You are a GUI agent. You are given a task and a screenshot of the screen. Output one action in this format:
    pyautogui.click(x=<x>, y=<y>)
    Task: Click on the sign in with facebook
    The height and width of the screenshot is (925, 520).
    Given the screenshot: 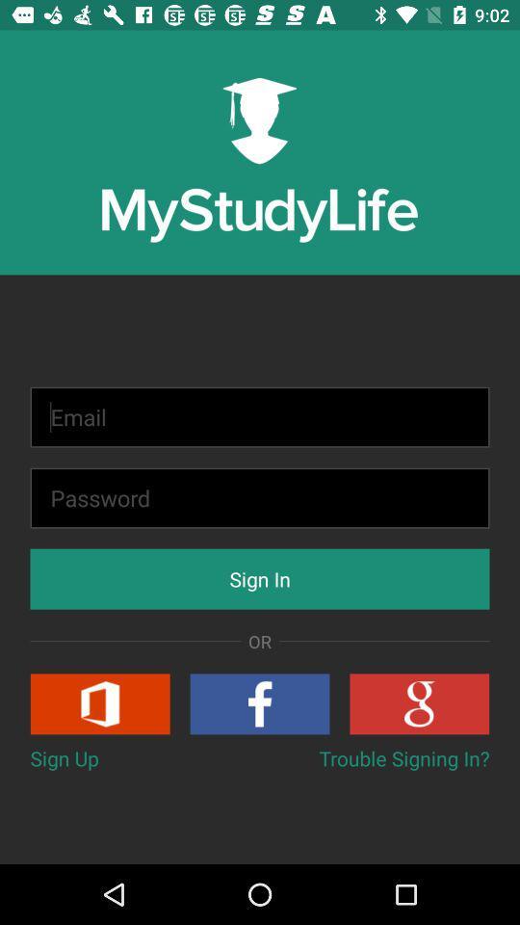 What is the action you would take?
    pyautogui.click(x=260, y=702)
    